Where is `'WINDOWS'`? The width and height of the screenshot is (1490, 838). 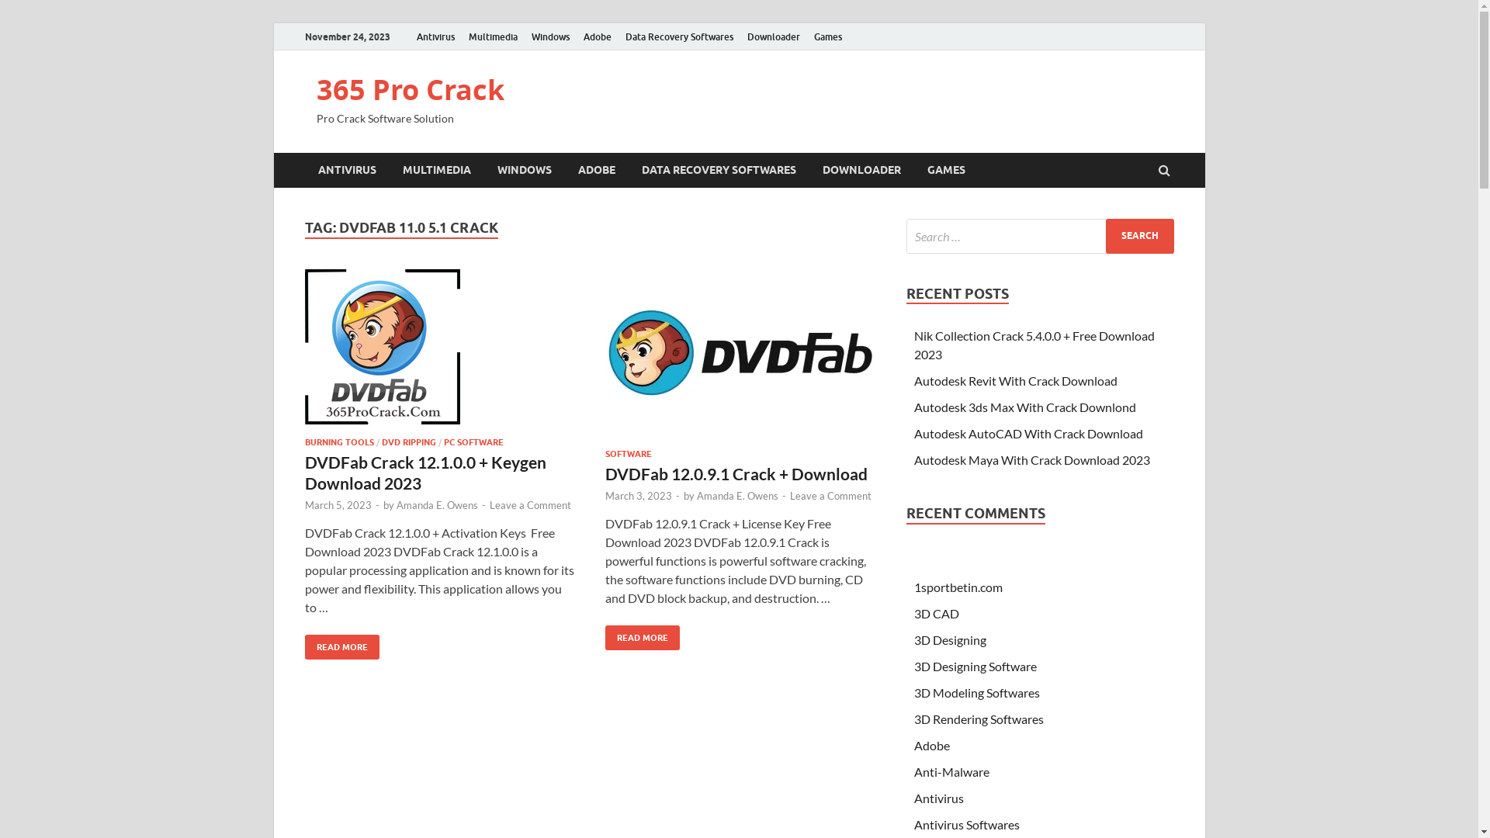
'WINDOWS' is located at coordinates (525, 170).